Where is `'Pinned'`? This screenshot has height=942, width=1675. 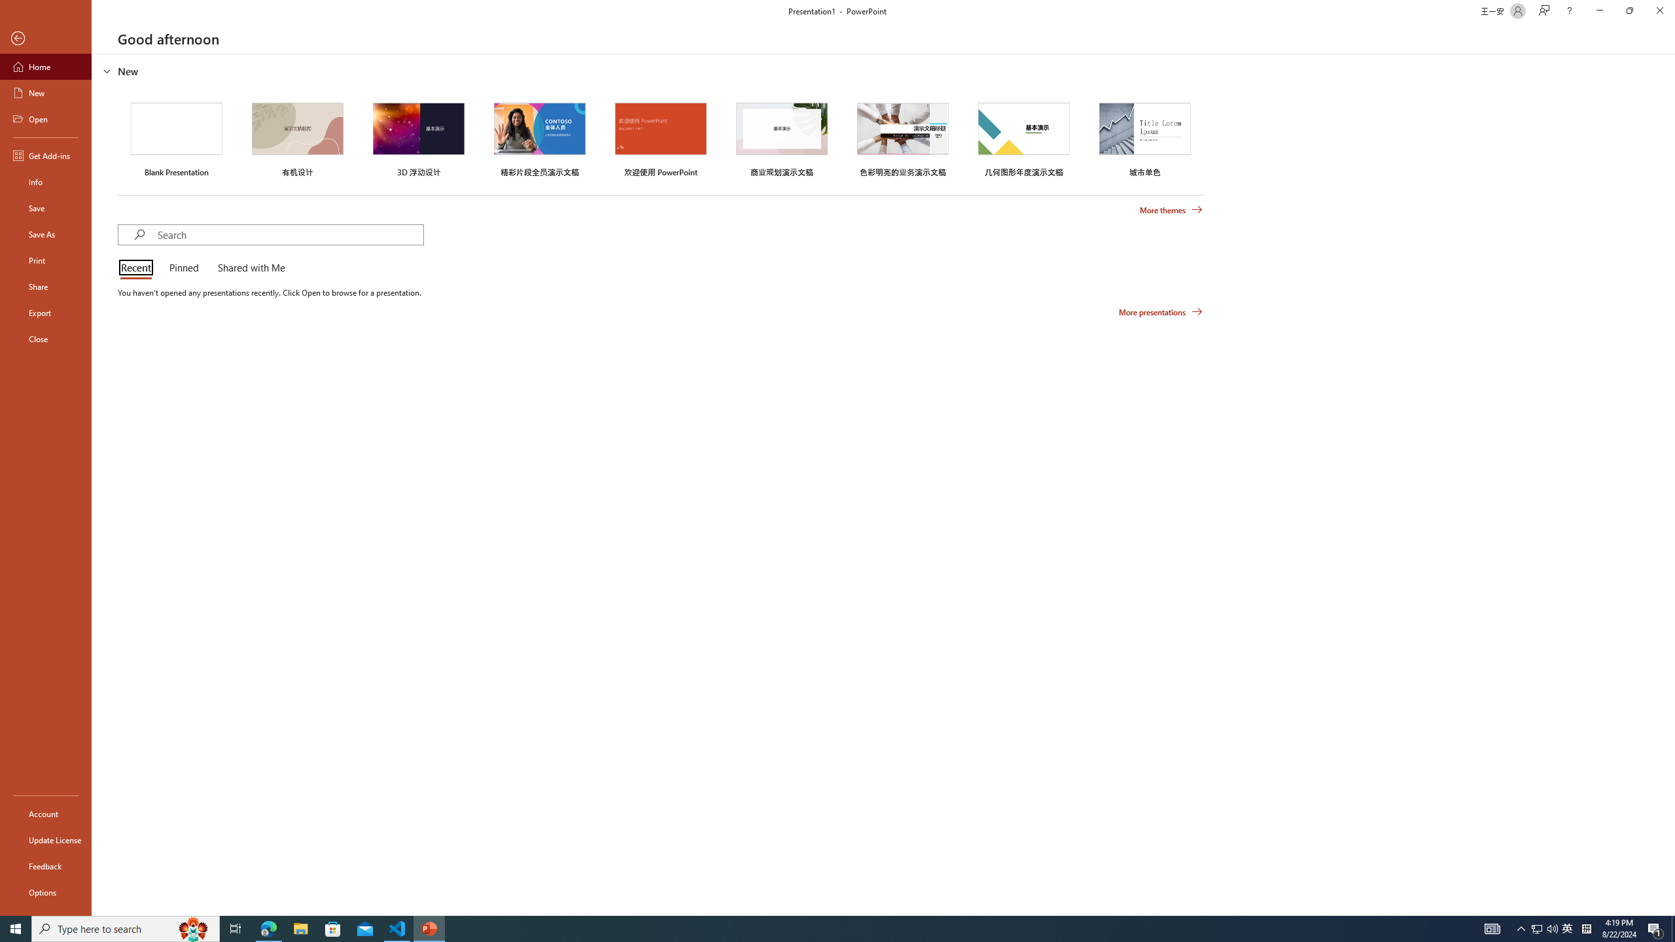 'Pinned' is located at coordinates (183, 268).